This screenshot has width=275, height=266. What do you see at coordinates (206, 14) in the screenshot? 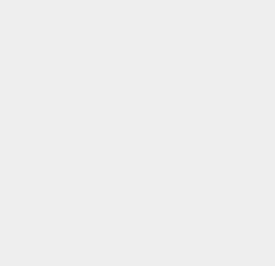
I see `'Windows 8 Pro'` at bounding box center [206, 14].